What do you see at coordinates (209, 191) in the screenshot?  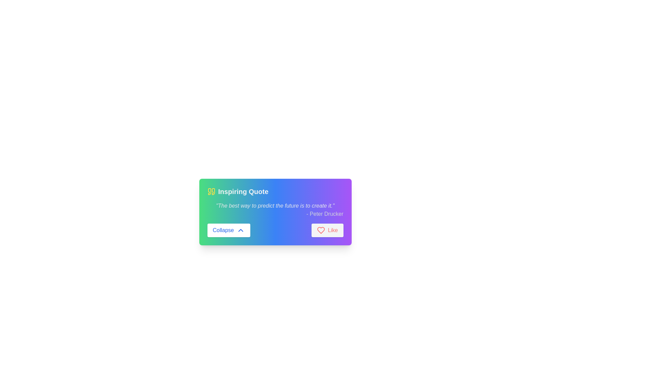 I see `the left quotation mark decorative SVG element, which is styled with a yellowish hue and located at the top-left corner of the gradient-colored card` at bounding box center [209, 191].